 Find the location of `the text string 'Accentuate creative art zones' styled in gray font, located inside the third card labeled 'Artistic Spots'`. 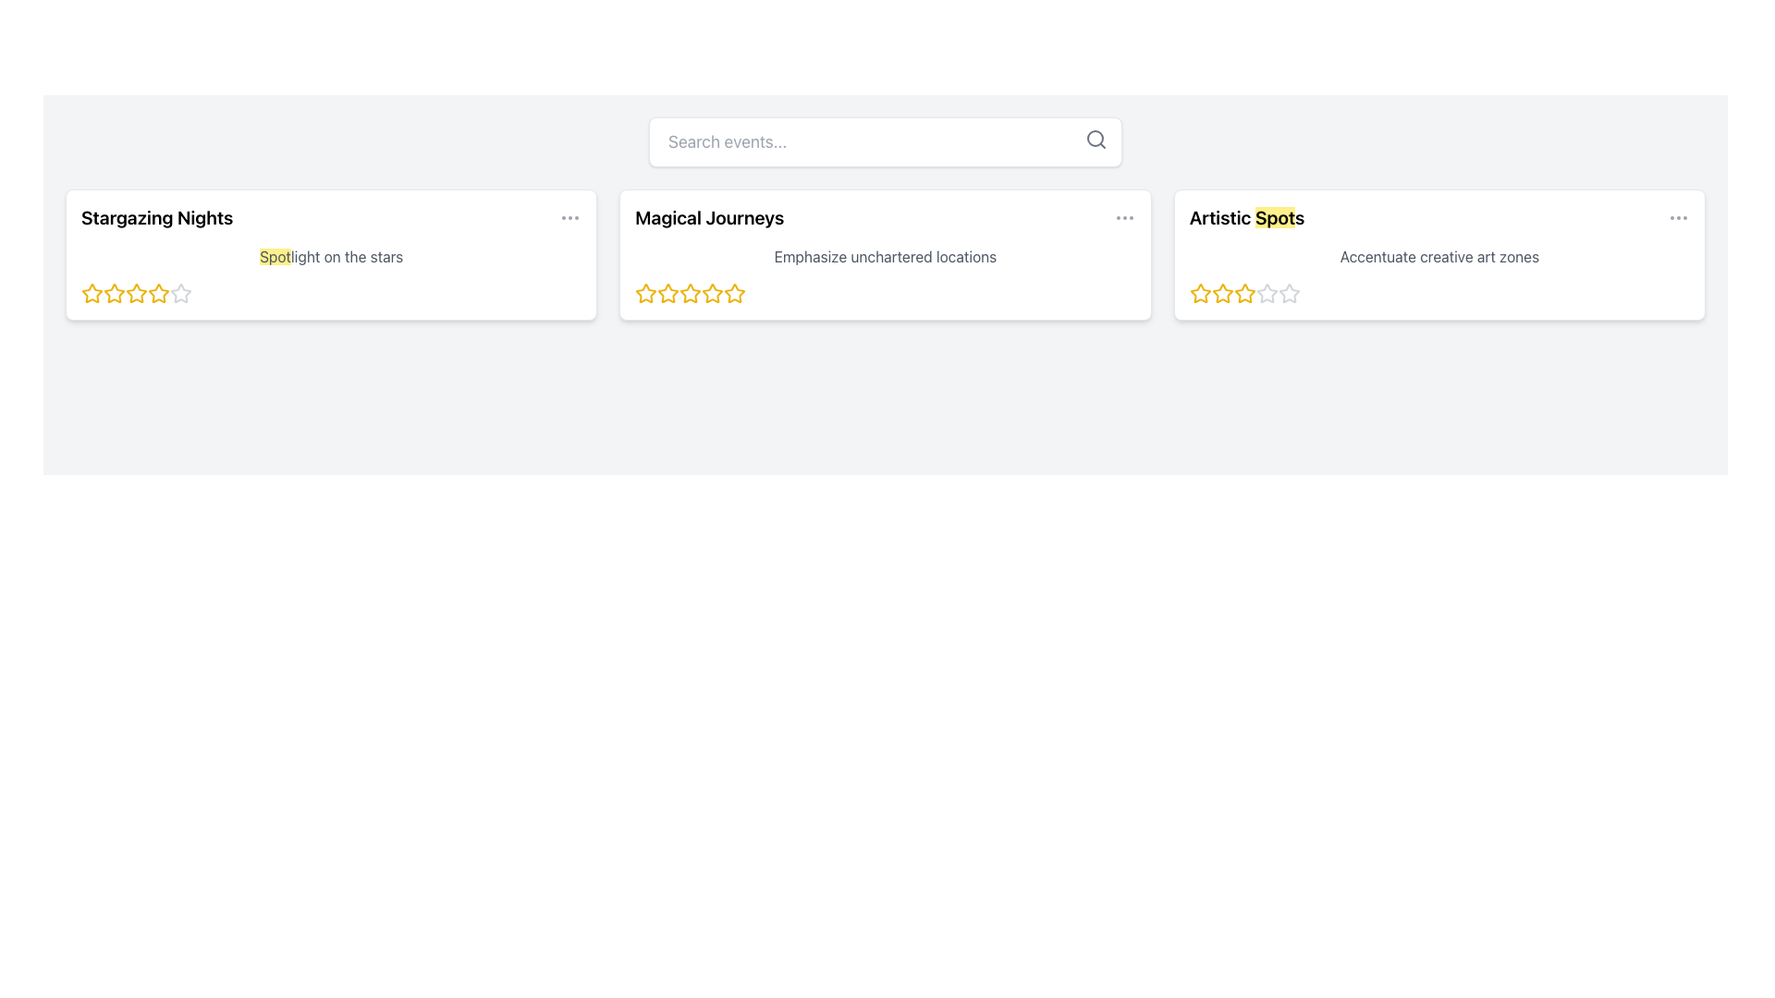

the text string 'Accentuate creative art zones' styled in gray font, located inside the third card labeled 'Artistic Spots' is located at coordinates (1438, 256).